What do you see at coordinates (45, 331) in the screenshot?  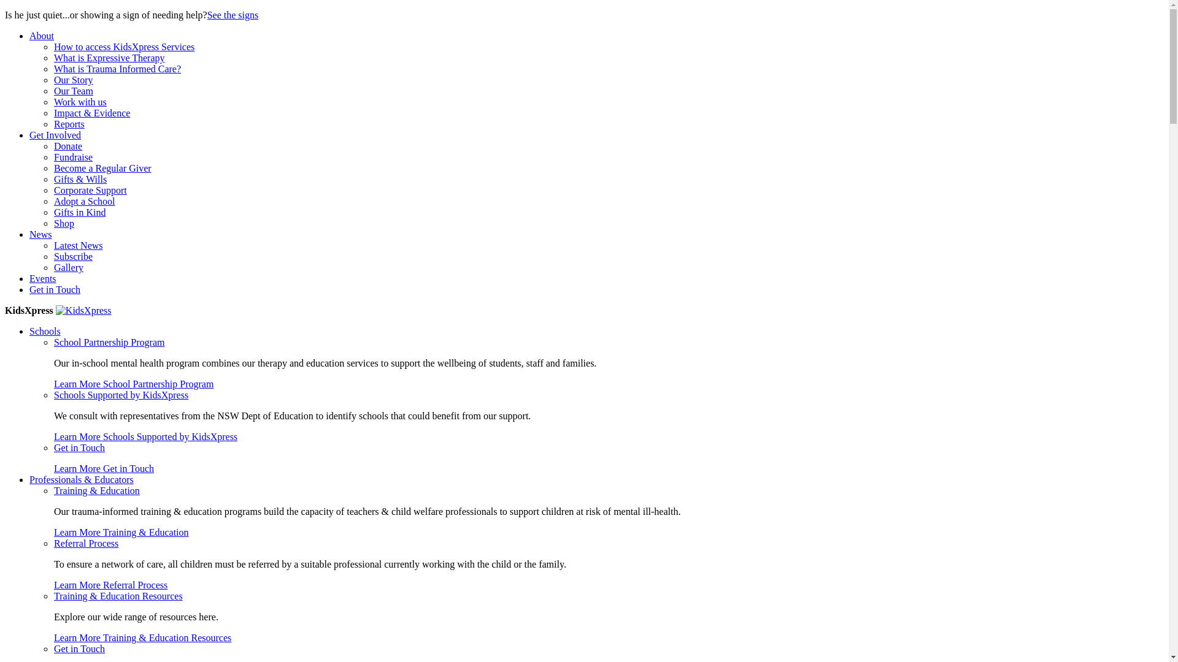 I see `'Schools'` at bounding box center [45, 331].